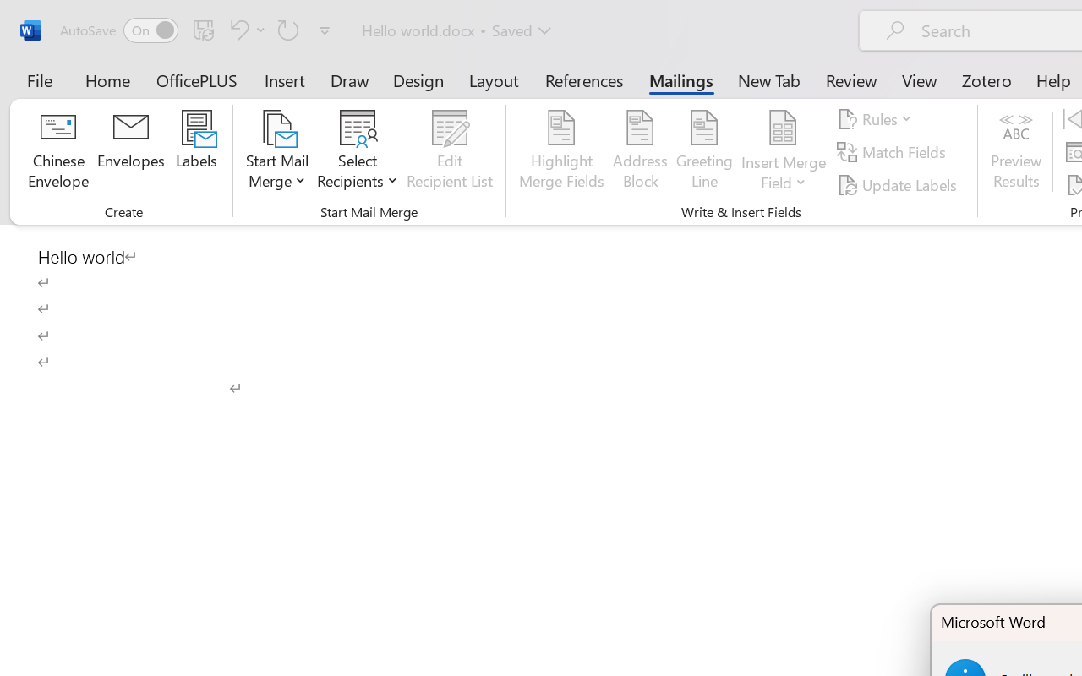 The image size is (1082, 676). I want to click on 'AutoSave', so click(117, 30).